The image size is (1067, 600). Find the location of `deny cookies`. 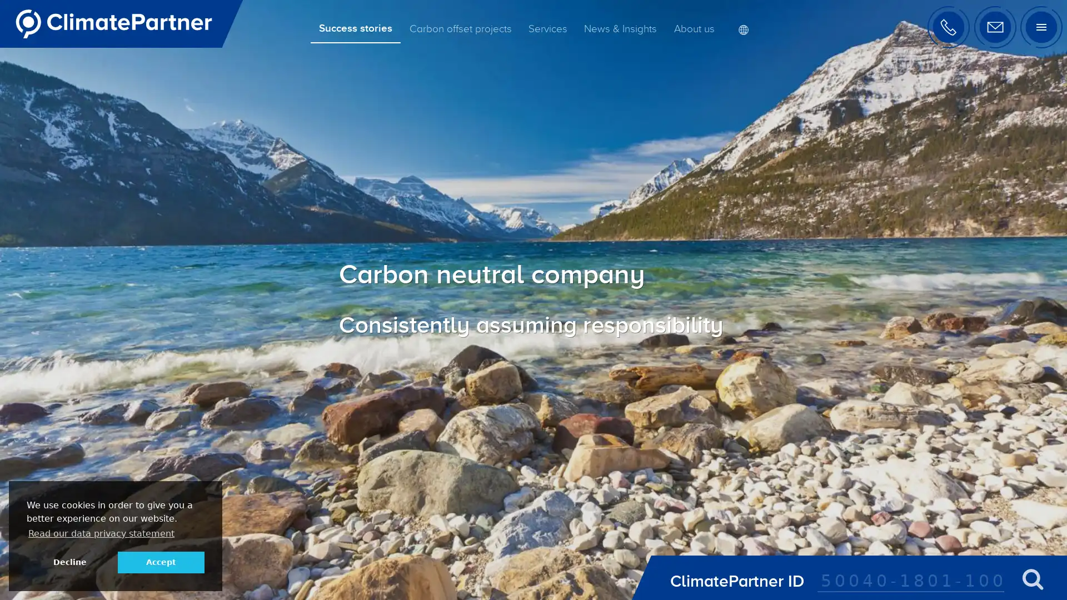

deny cookies is located at coordinates (69, 562).